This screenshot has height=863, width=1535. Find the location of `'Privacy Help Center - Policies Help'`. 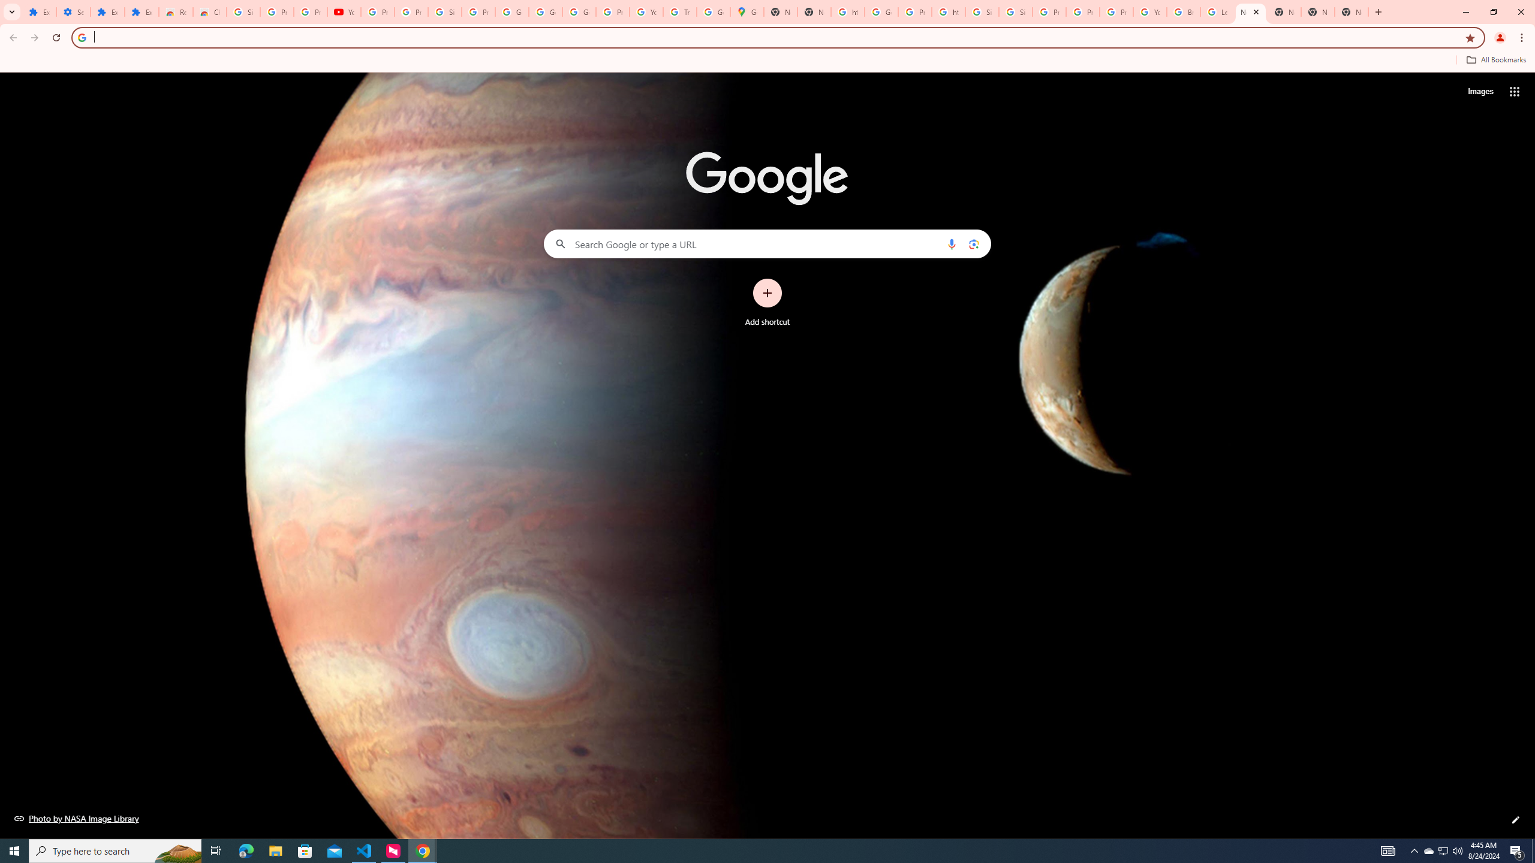

'Privacy Help Center - Policies Help' is located at coordinates (1082, 11).